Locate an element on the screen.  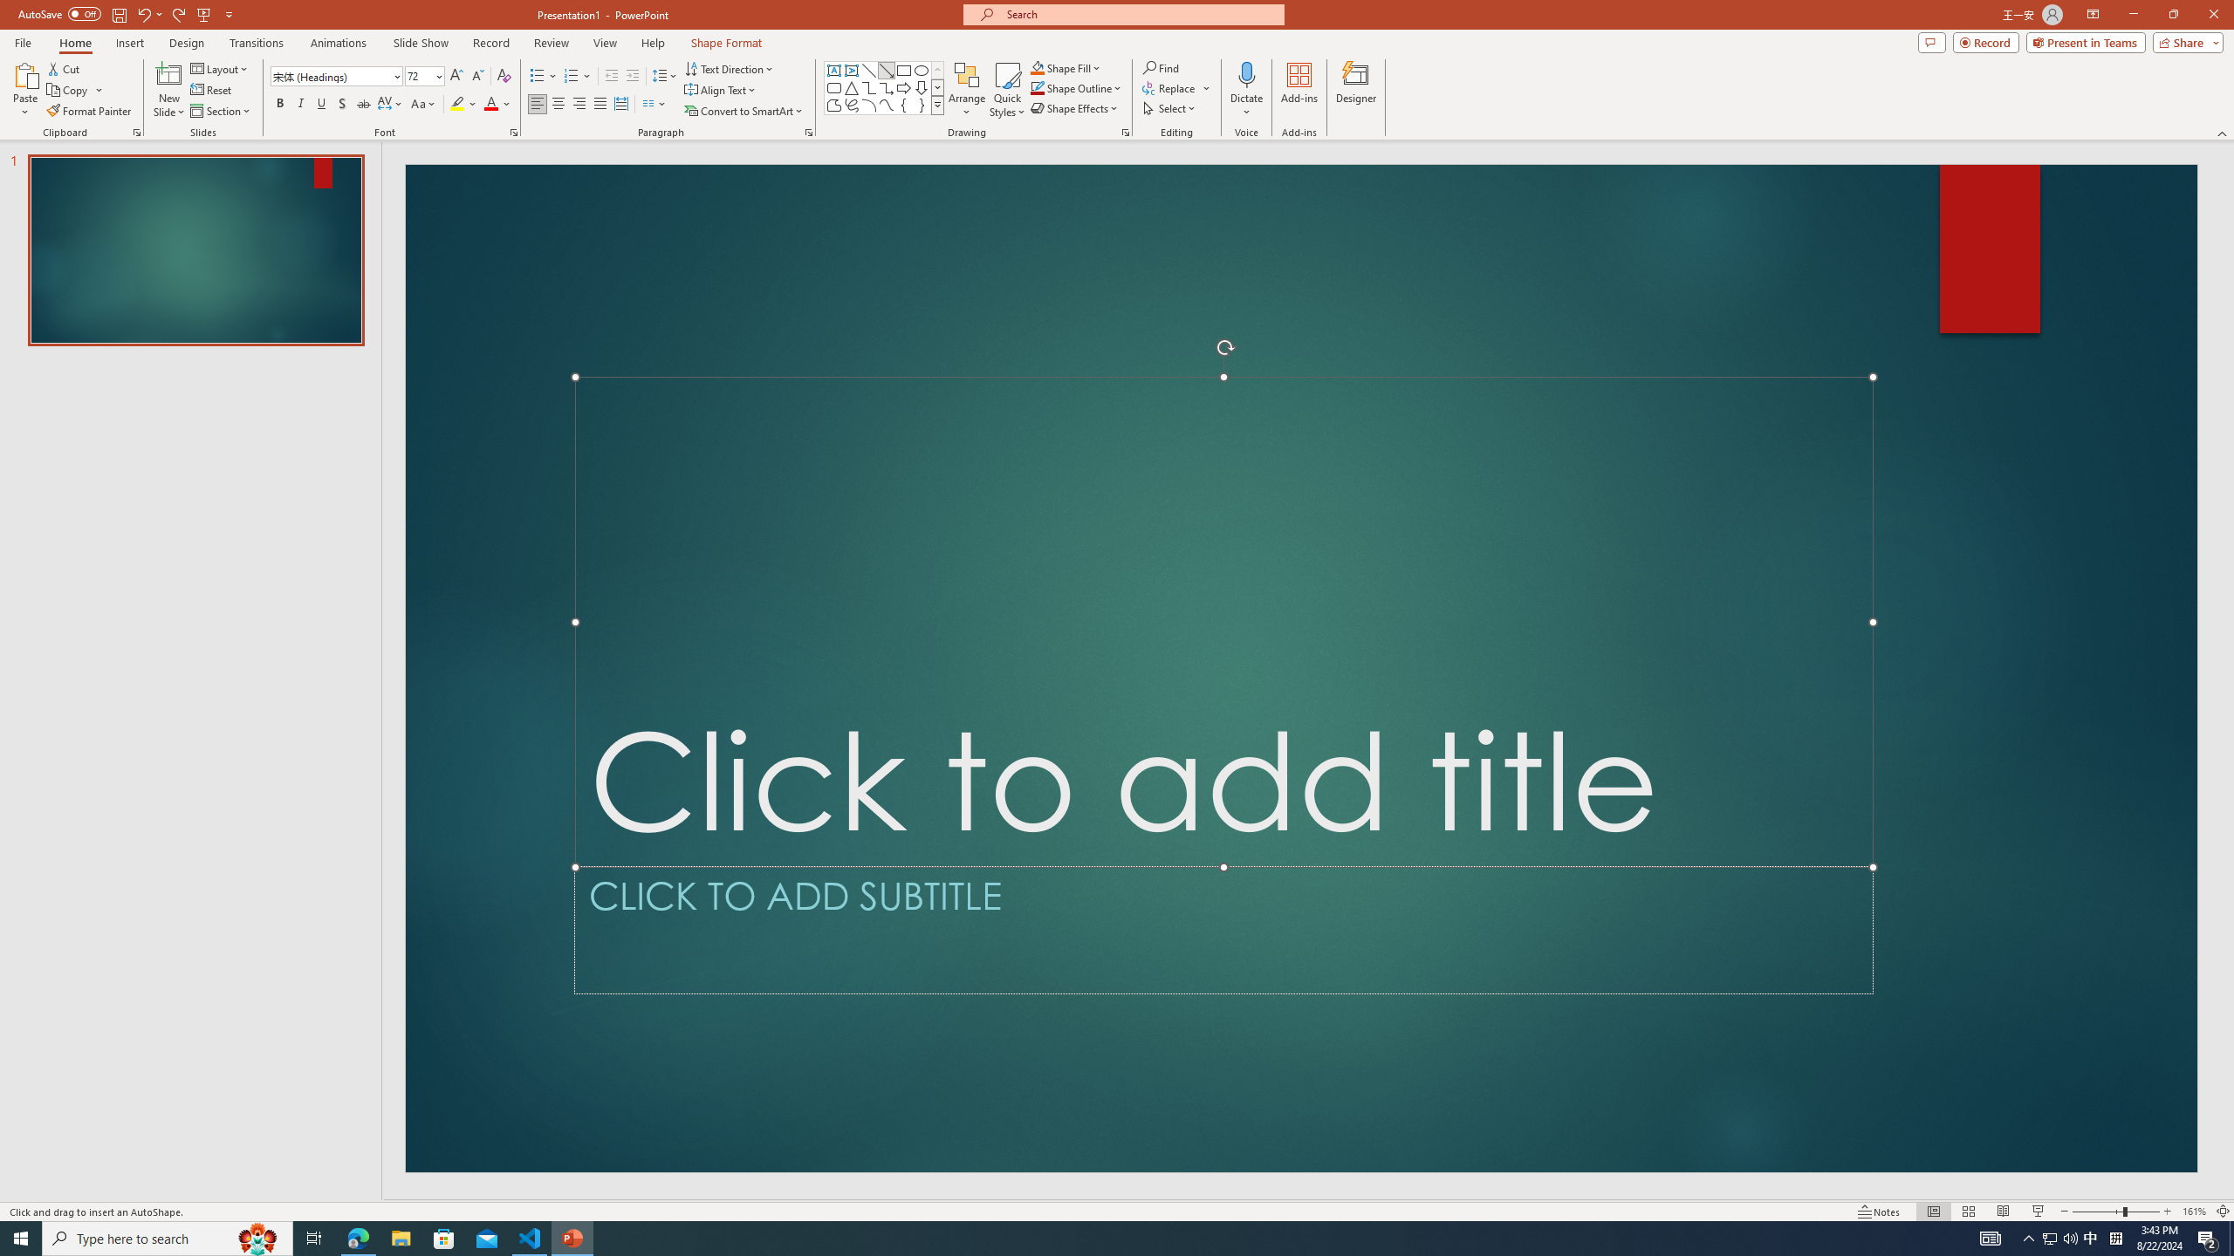
'Quick Styles' is located at coordinates (1006, 90).